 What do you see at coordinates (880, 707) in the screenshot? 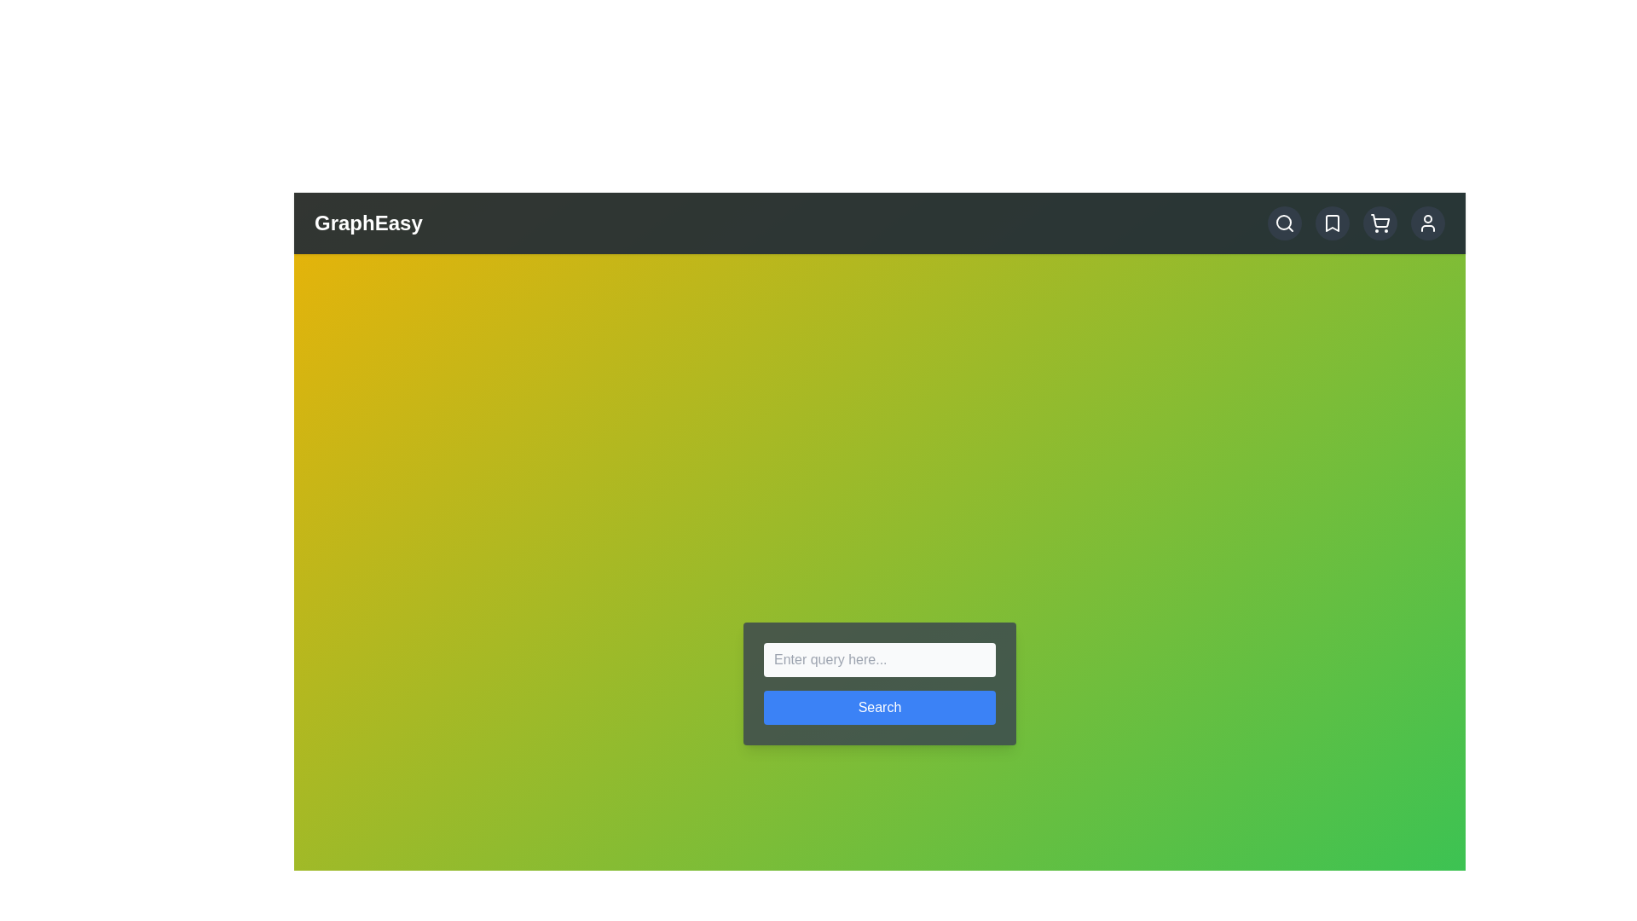
I see `the search button to initiate the search action` at bounding box center [880, 707].